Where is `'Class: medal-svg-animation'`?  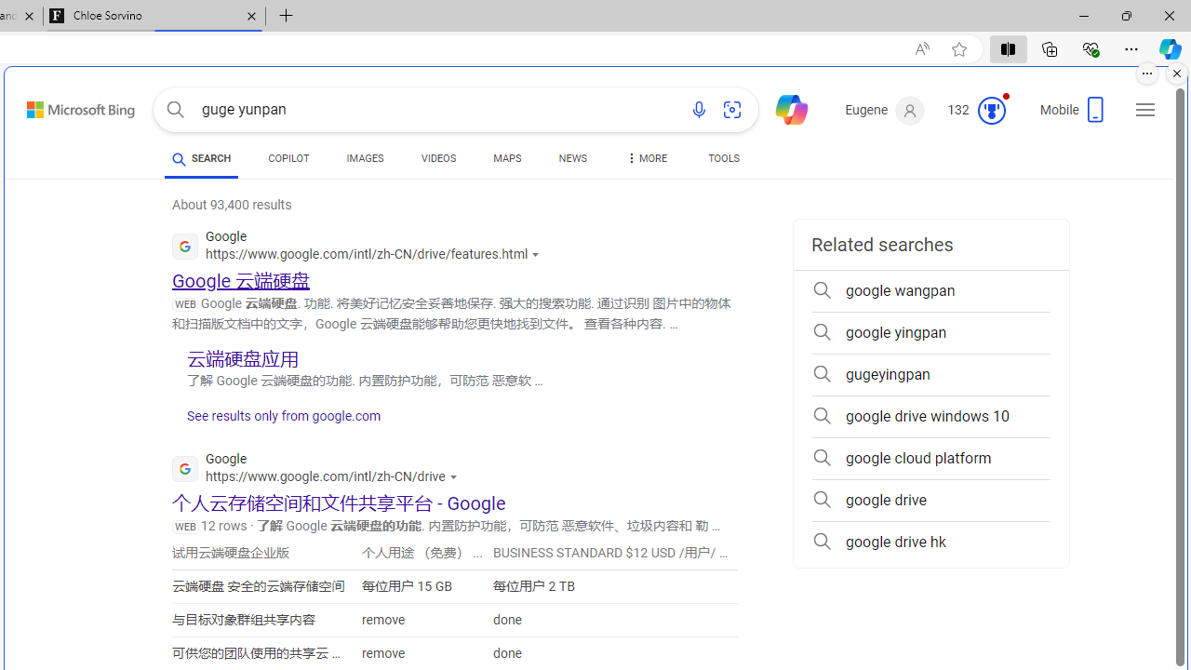 'Class: medal-svg-animation' is located at coordinates (990, 111).